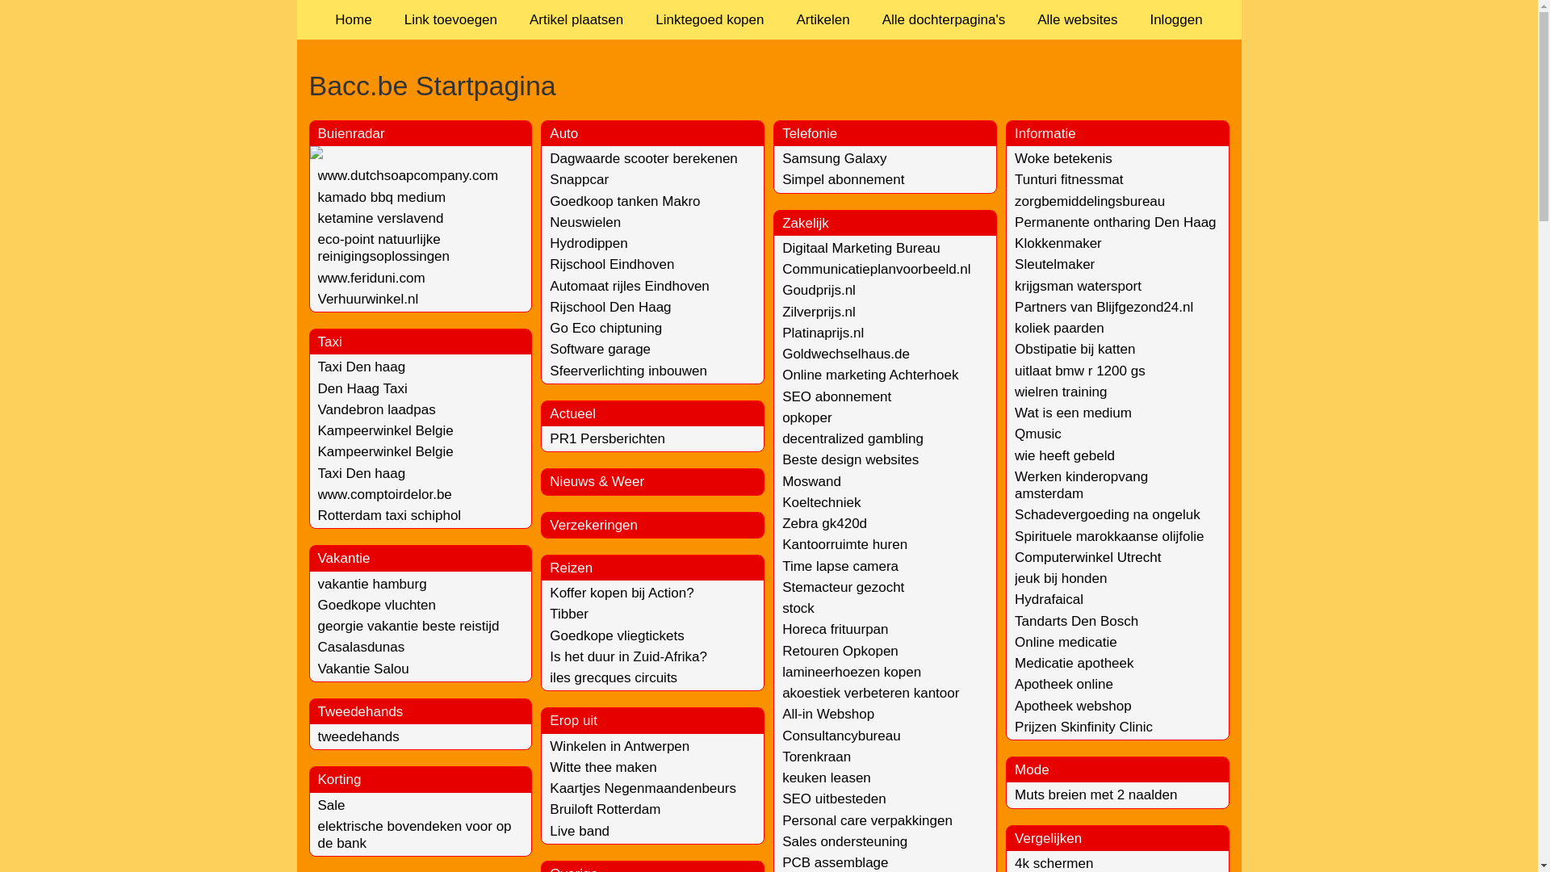 The width and height of the screenshot is (1550, 872). Describe the element at coordinates (362, 669) in the screenshot. I see `'Vakantie Salou'` at that location.